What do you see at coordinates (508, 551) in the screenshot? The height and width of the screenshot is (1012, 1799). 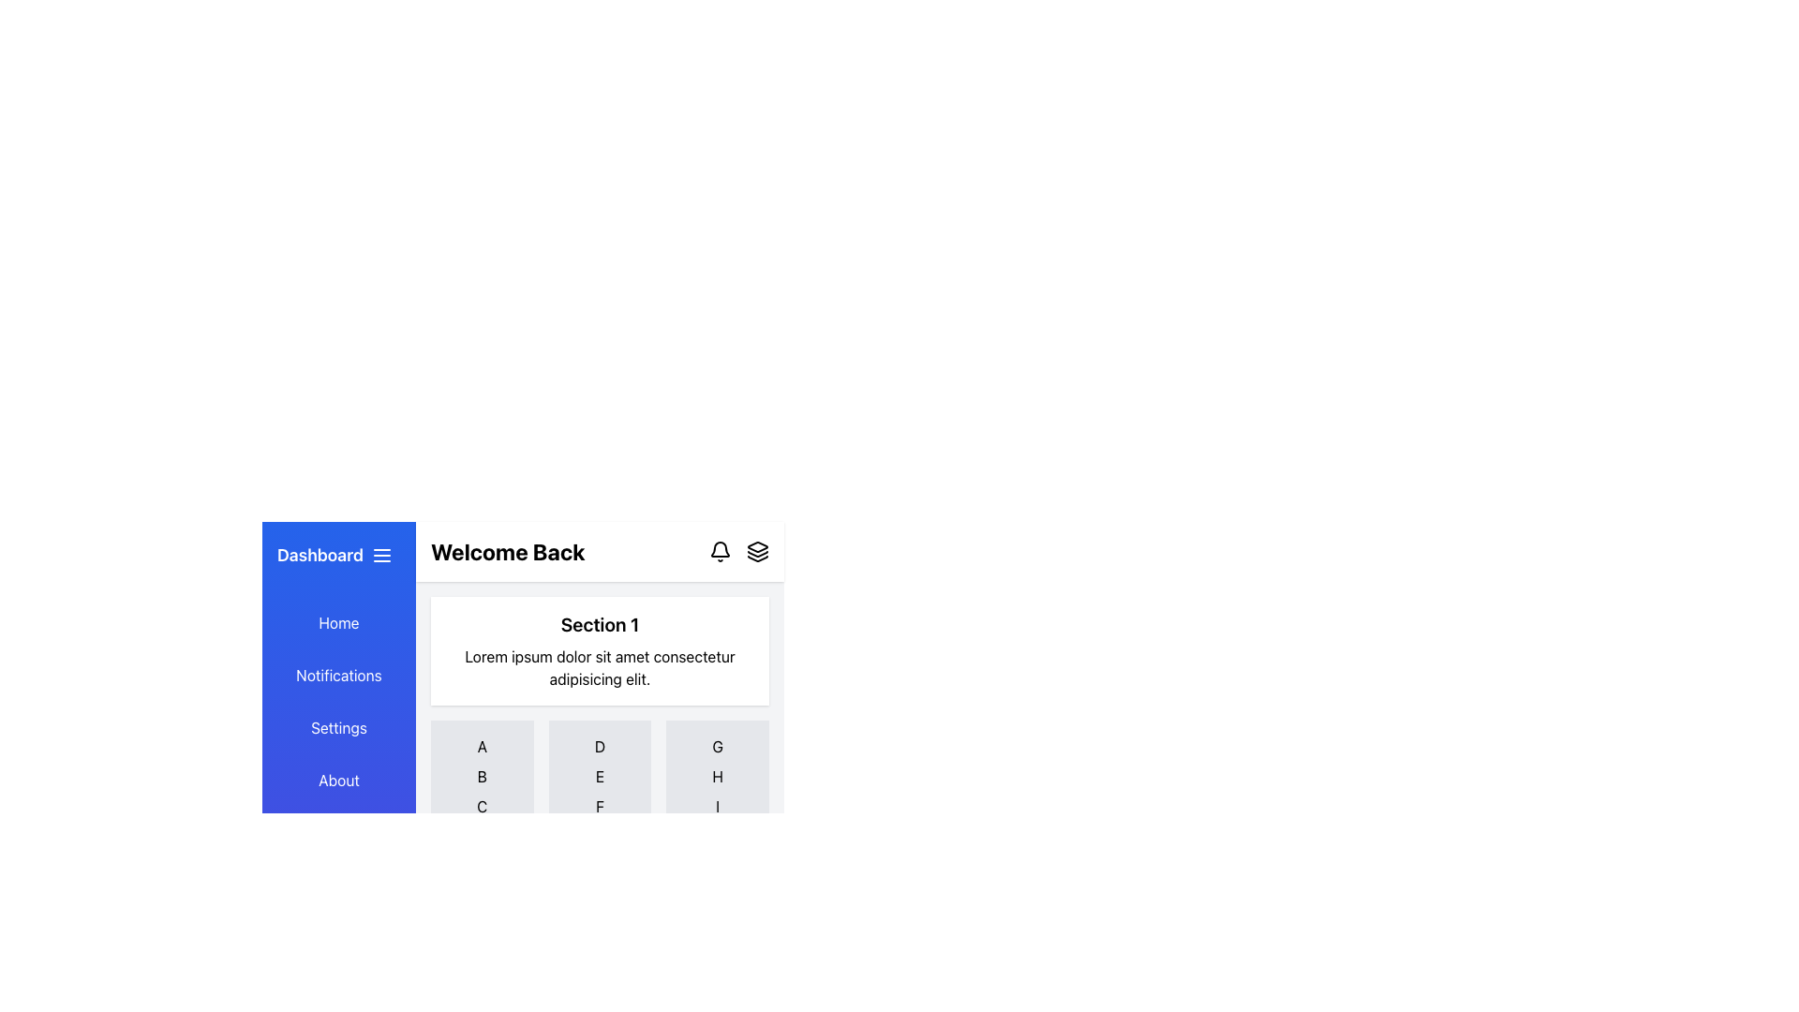 I see `static text element displaying 'Welcome Back' in bold font, positioned prominently in the header area` at bounding box center [508, 551].